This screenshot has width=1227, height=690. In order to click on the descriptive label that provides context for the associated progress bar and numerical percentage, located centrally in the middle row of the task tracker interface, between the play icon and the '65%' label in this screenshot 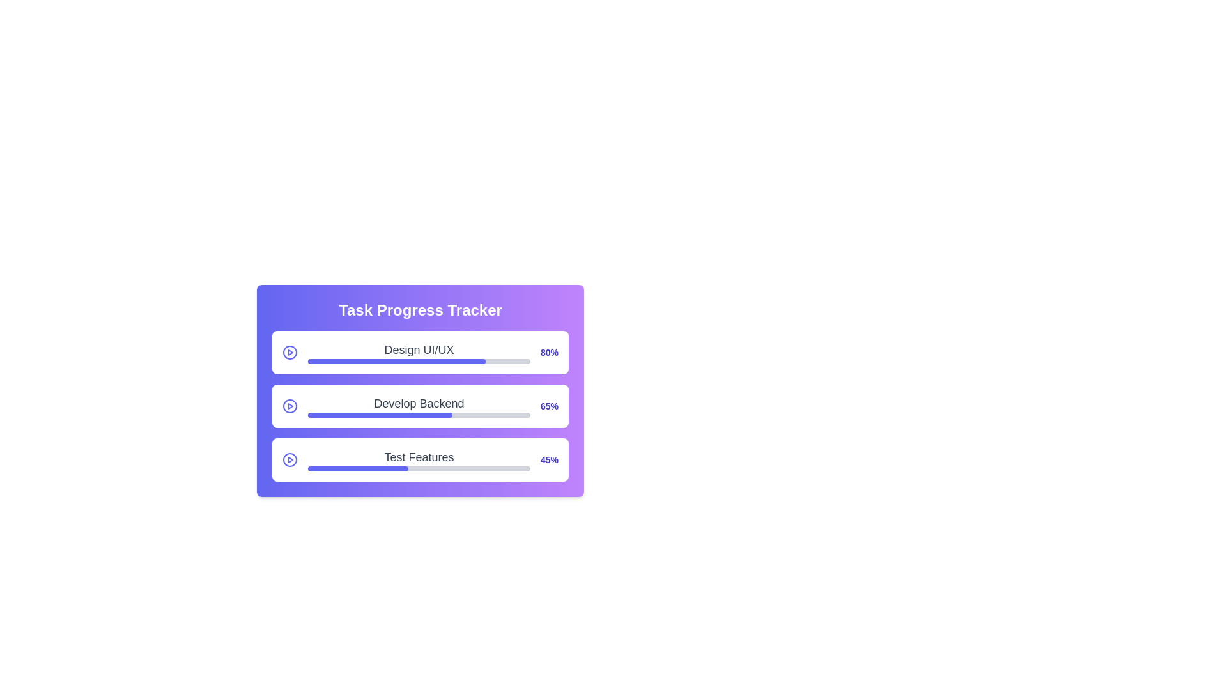, I will do `click(419, 406)`.